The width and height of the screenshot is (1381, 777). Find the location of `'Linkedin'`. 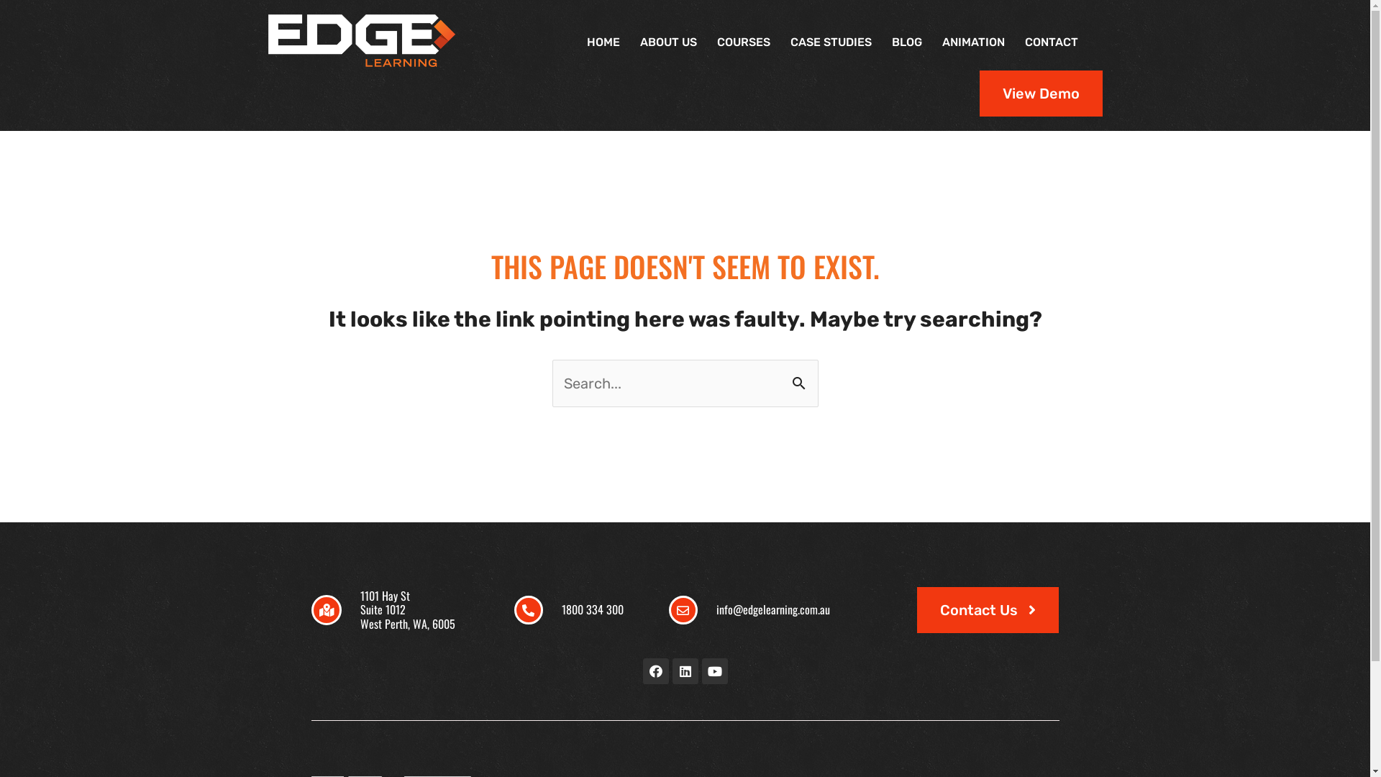

'Linkedin' is located at coordinates (671, 671).